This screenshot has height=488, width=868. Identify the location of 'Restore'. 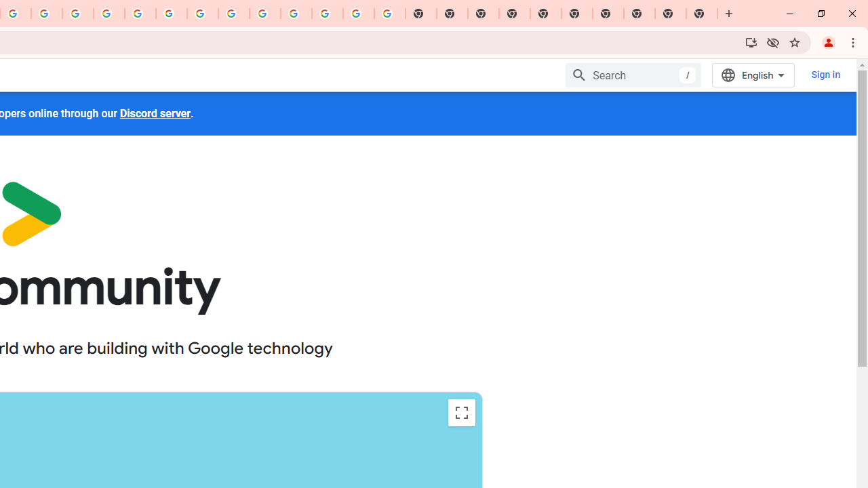
(820, 14).